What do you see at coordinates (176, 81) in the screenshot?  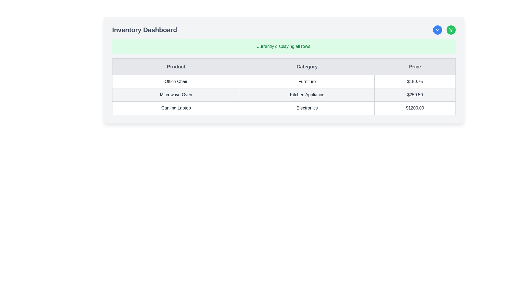 I see `text label displaying 'Office Chair' located in the second row of the table within the 'Product' column, aligned left` at bounding box center [176, 81].